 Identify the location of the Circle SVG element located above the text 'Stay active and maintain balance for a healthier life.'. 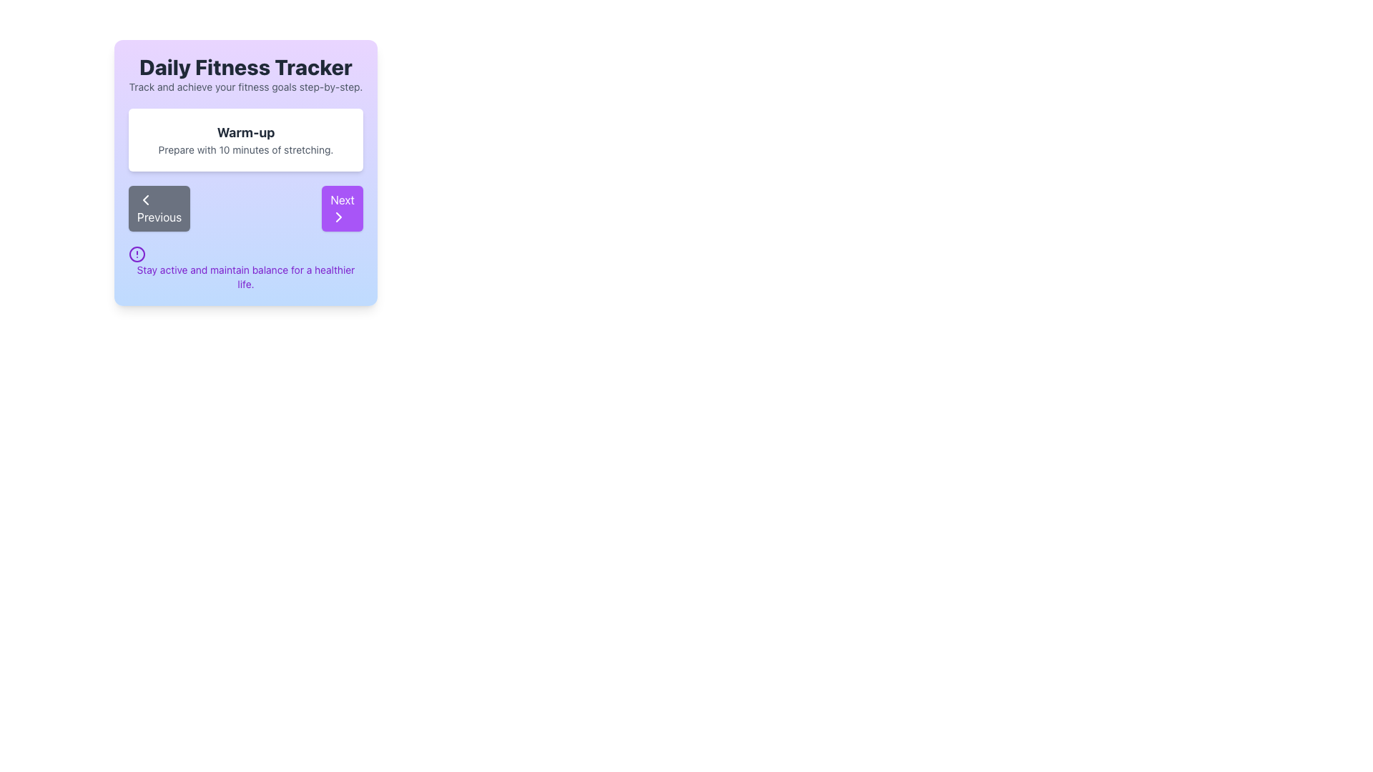
(137, 253).